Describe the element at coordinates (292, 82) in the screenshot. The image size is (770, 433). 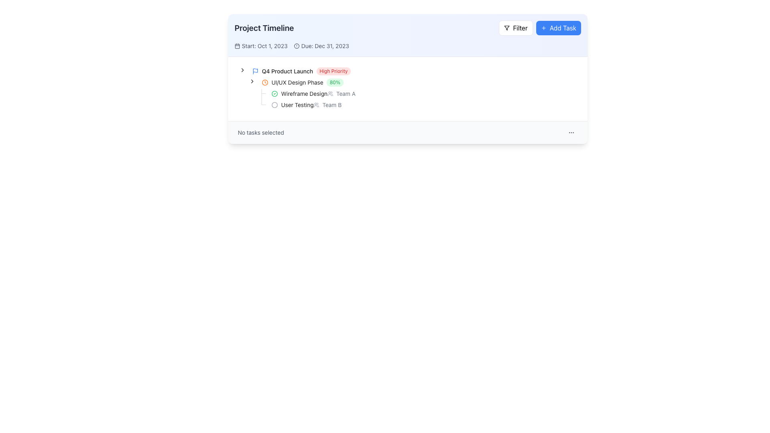
I see `the Tree item representing the UI/UX Design phase under the 'Q4 Product Launch' group` at that location.